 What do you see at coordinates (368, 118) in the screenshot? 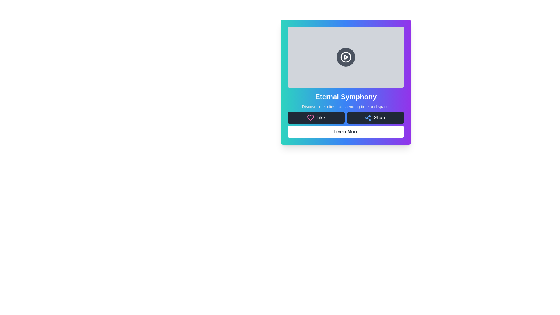
I see `the leftmost 'Share' SVG icon located in the bottom section of the 'Eternal Symphony' card` at bounding box center [368, 118].